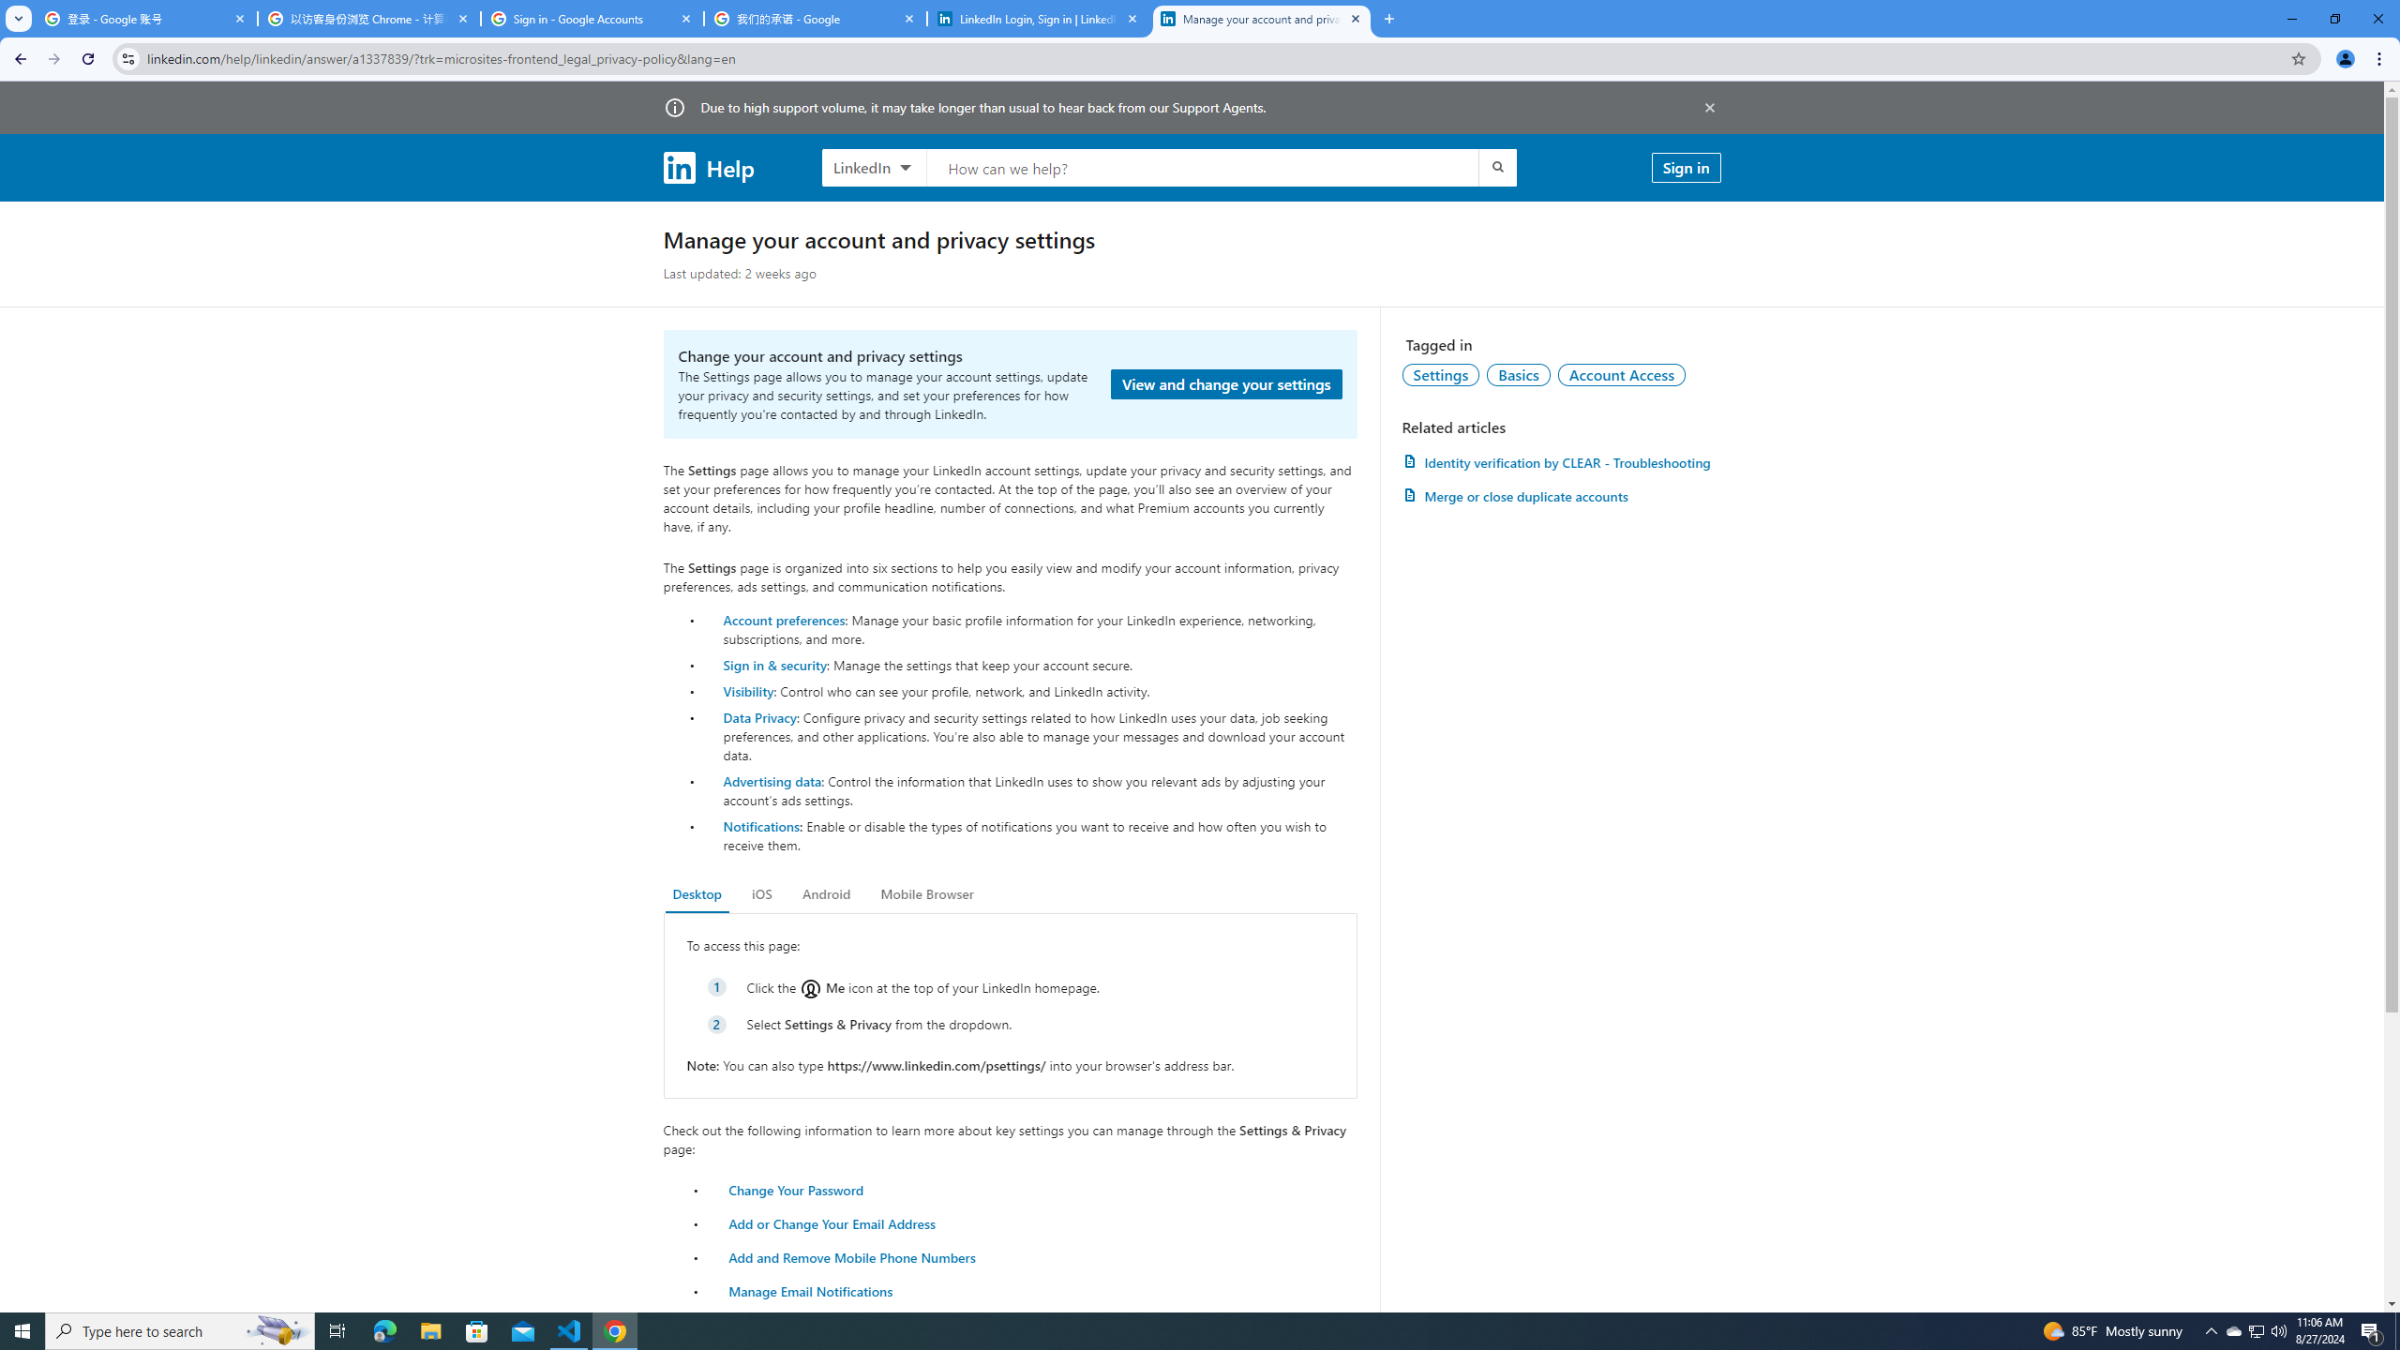 The height and width of the screenshot is (1350, 2400). I want to click on 'AutomationID: topic-link-a151002', so click(1621, 373).